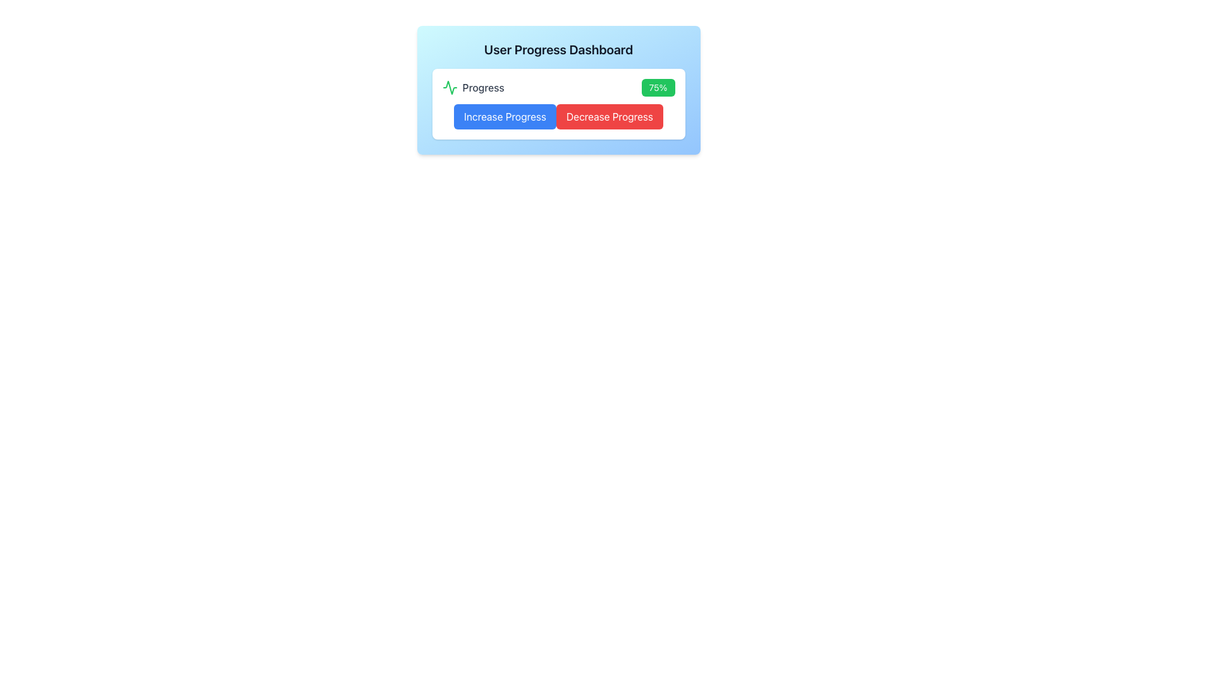  Describe the element at coordinates (610, 117) in the screenshot. I see `the 'Decrease Progress' button to observe the hover effect, which is located immediately to the right of the 'Increase Progress' button in the second row of components` at that location.